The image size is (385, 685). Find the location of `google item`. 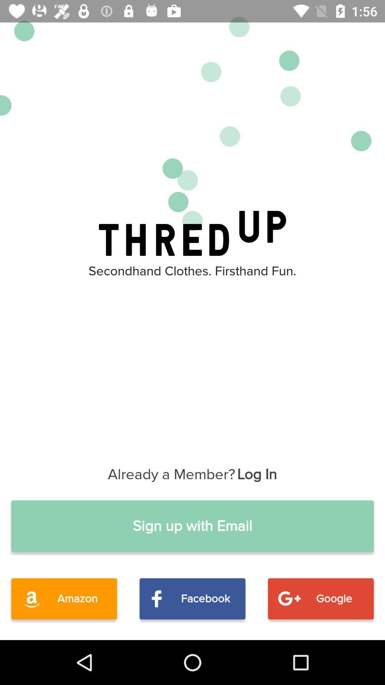

google item is located at coordinates (320, 599).